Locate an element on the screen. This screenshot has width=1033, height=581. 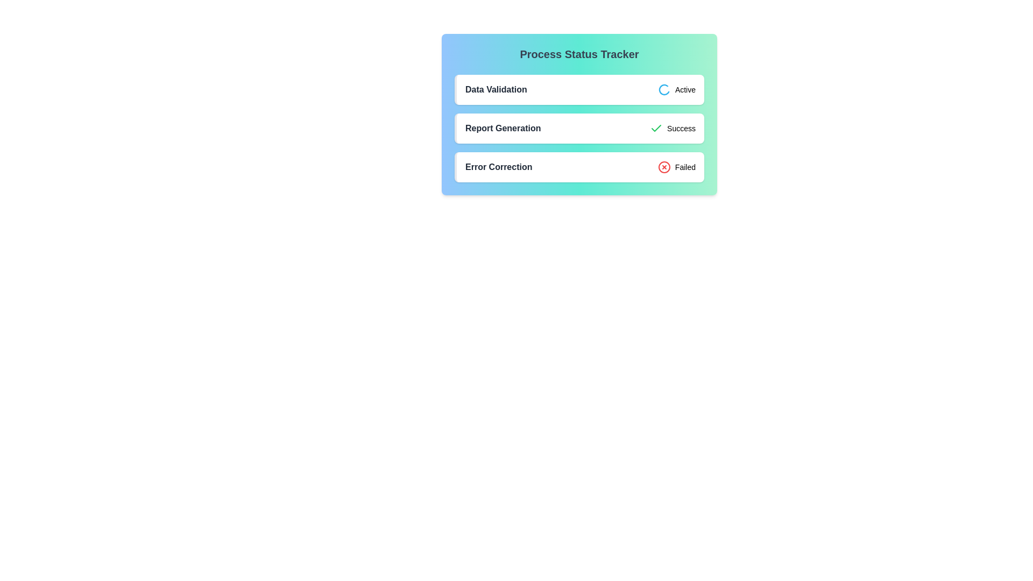
the text label located on the left side of the third card in the stacked status tracker interface, which provides context for the associated status indicator is located at coordinates (498, 167).